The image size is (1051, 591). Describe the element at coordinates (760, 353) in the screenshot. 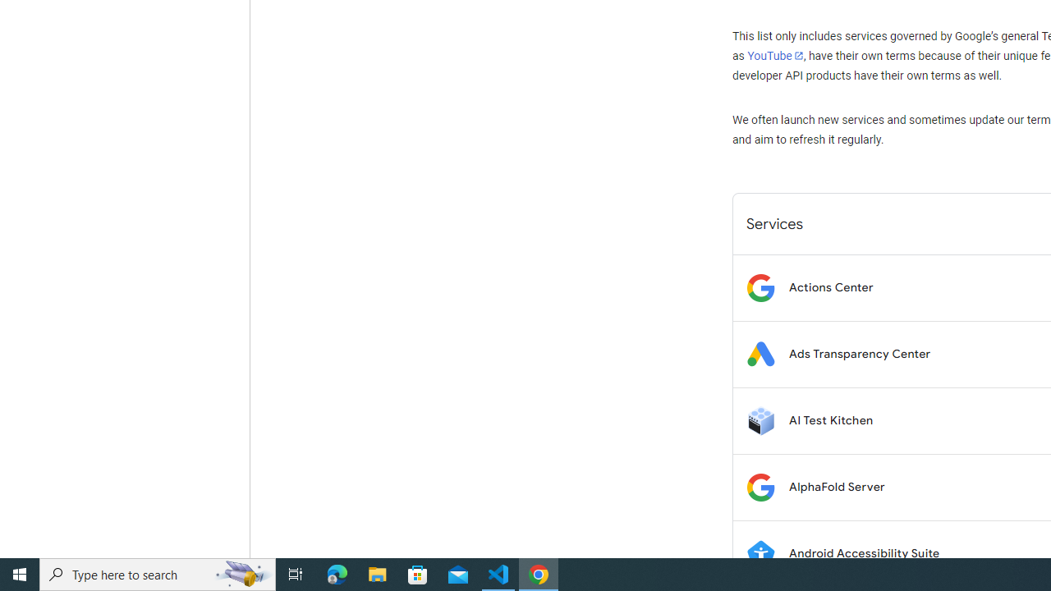

I see `'Logo for Ads Transparency Center'` at that location.